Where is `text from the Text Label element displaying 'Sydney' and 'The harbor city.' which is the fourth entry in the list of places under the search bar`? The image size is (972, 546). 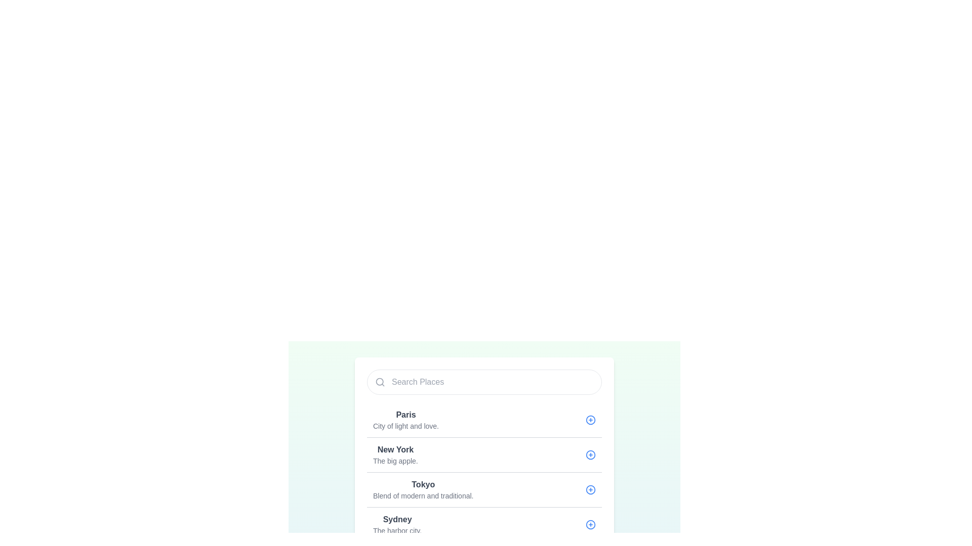
text from the Text Label element displaying 'Sydney' and 'The harbor city.' which is the fourth entry in the list of places under the search bar is located at coordinates (397, 524).